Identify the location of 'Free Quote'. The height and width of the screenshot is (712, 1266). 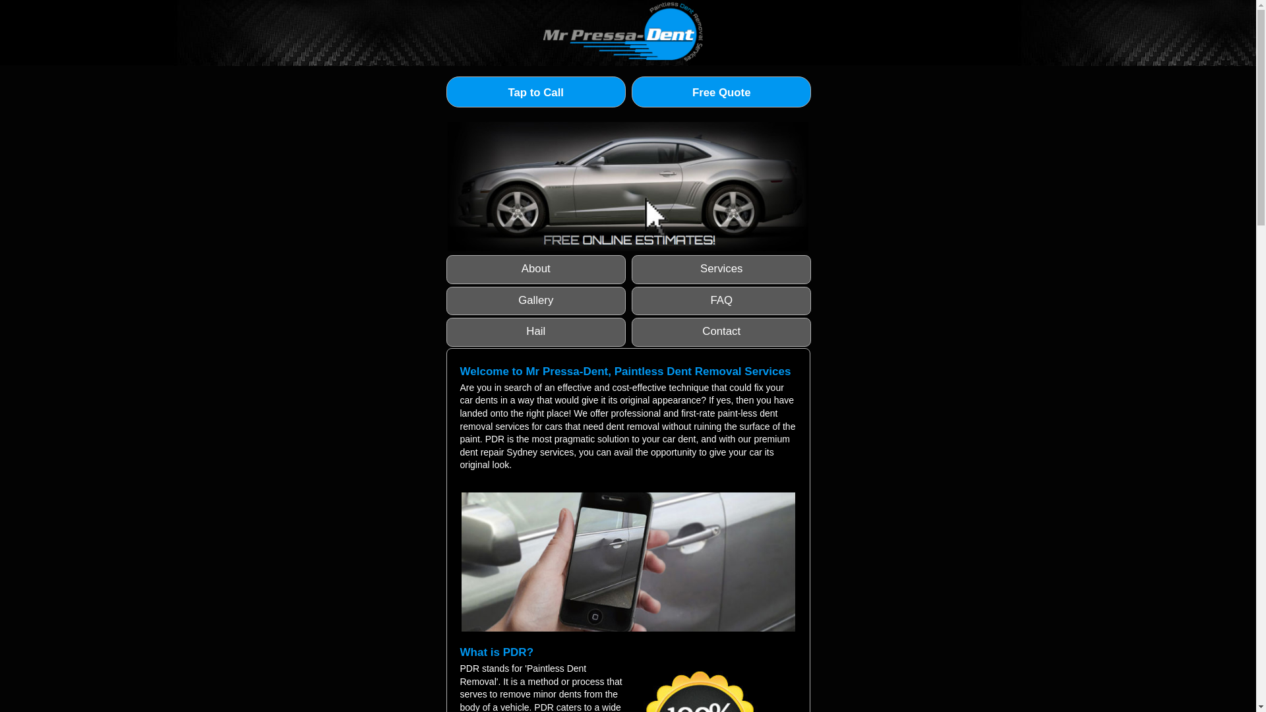
(721, 91).